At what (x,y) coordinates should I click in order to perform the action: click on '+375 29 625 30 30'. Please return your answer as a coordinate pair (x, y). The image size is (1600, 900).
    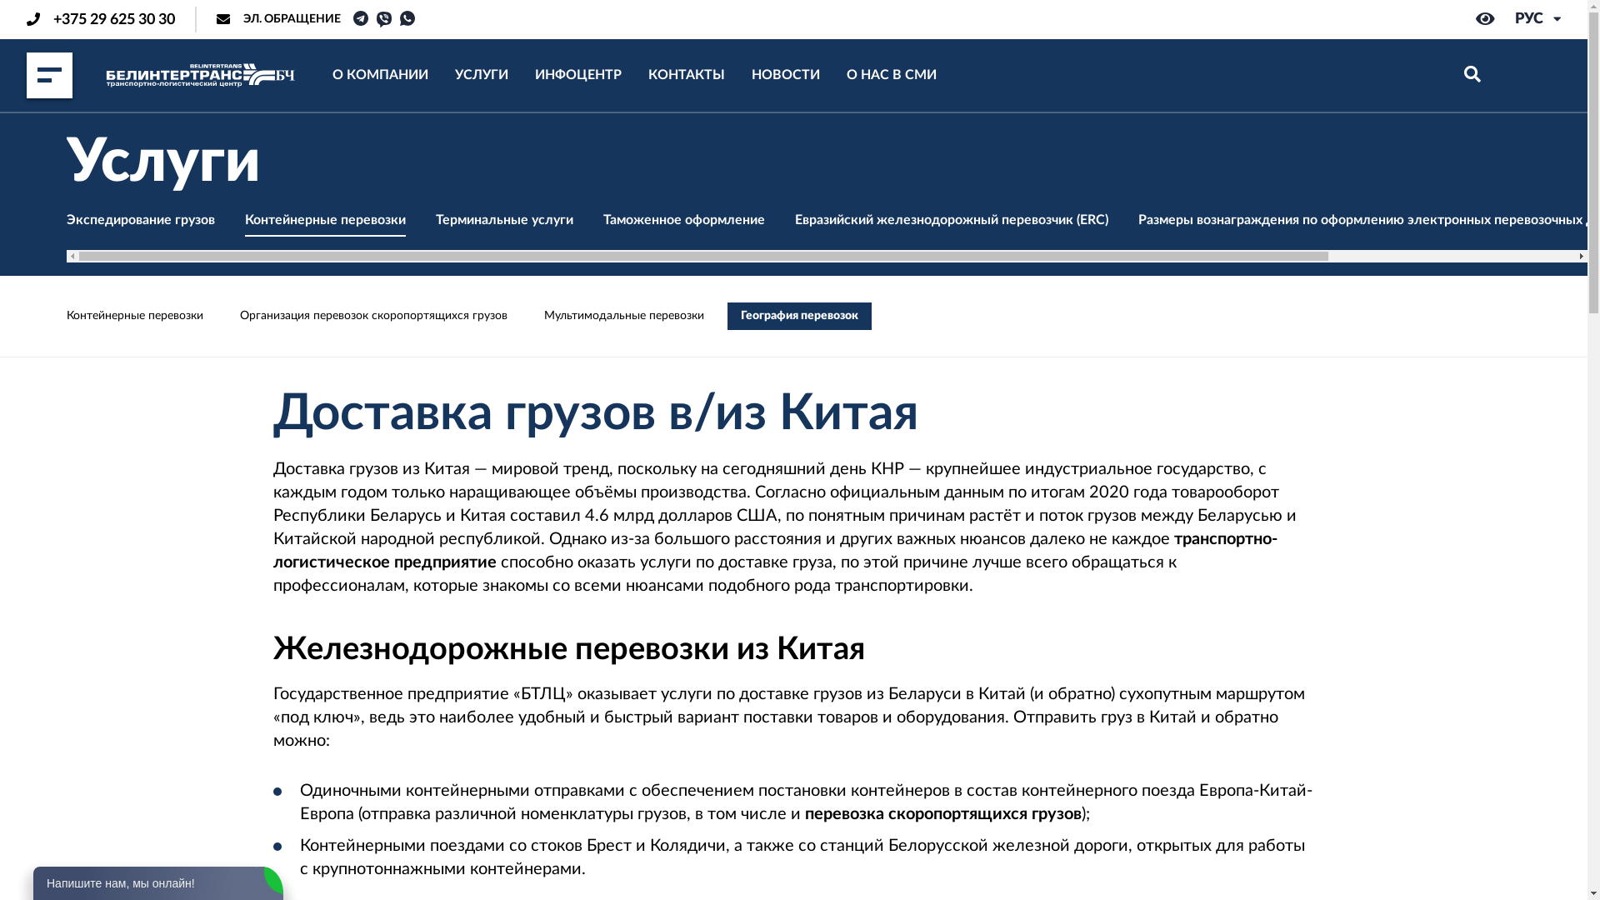
    Looking at the image, I should click on (99, 19).